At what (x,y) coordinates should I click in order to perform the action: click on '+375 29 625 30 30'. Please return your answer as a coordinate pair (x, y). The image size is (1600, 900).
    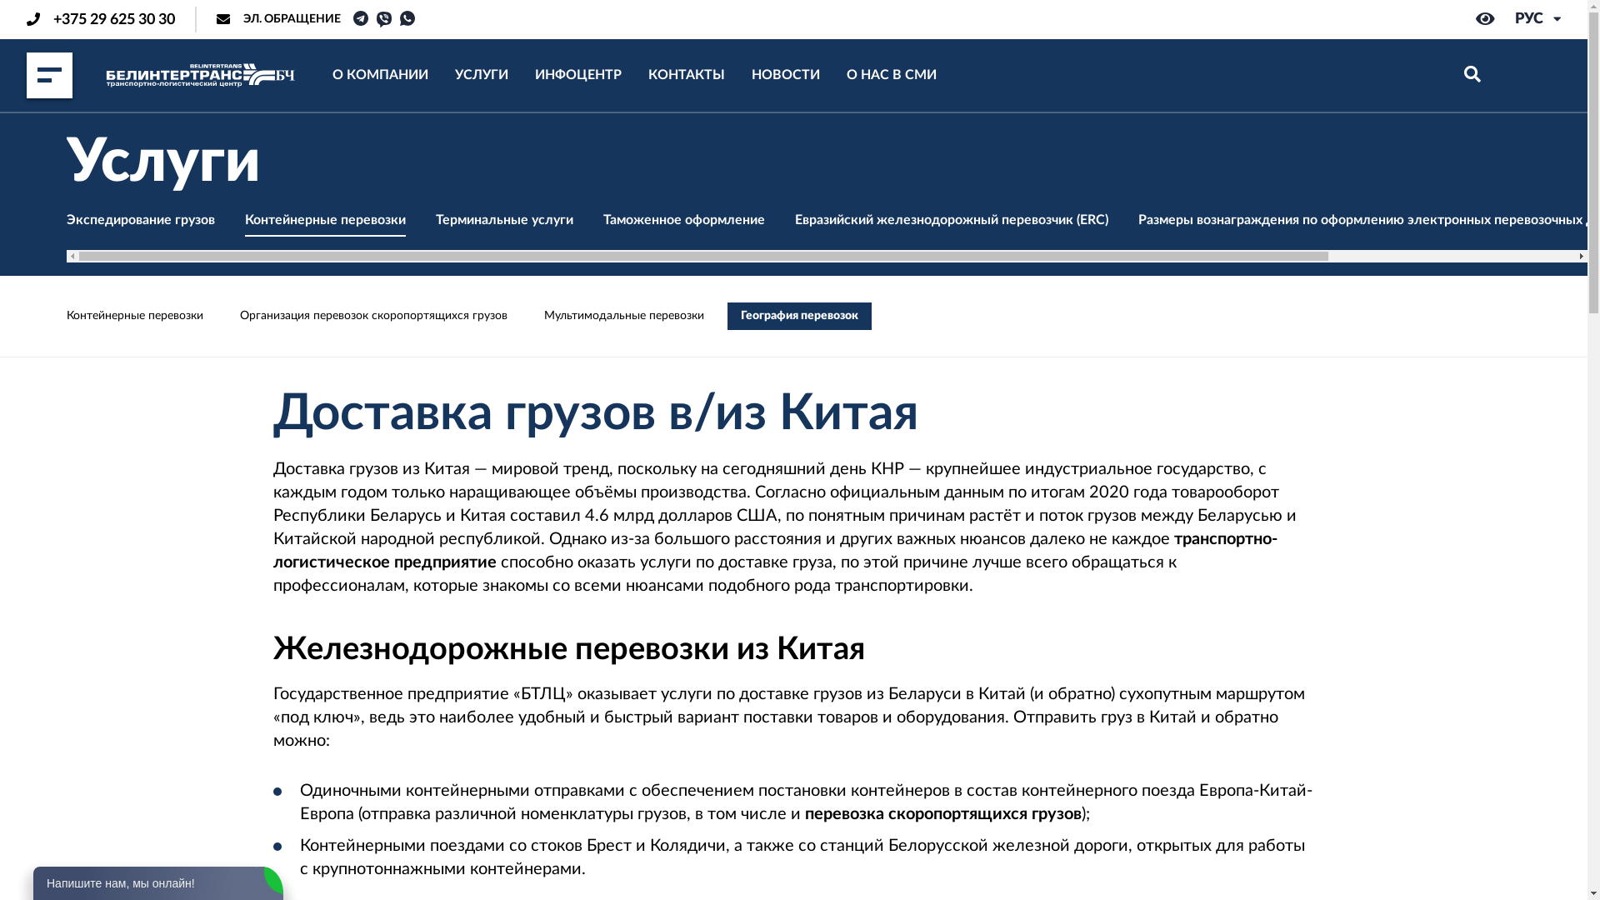
    Looking at the image, I should click on (99, 19).